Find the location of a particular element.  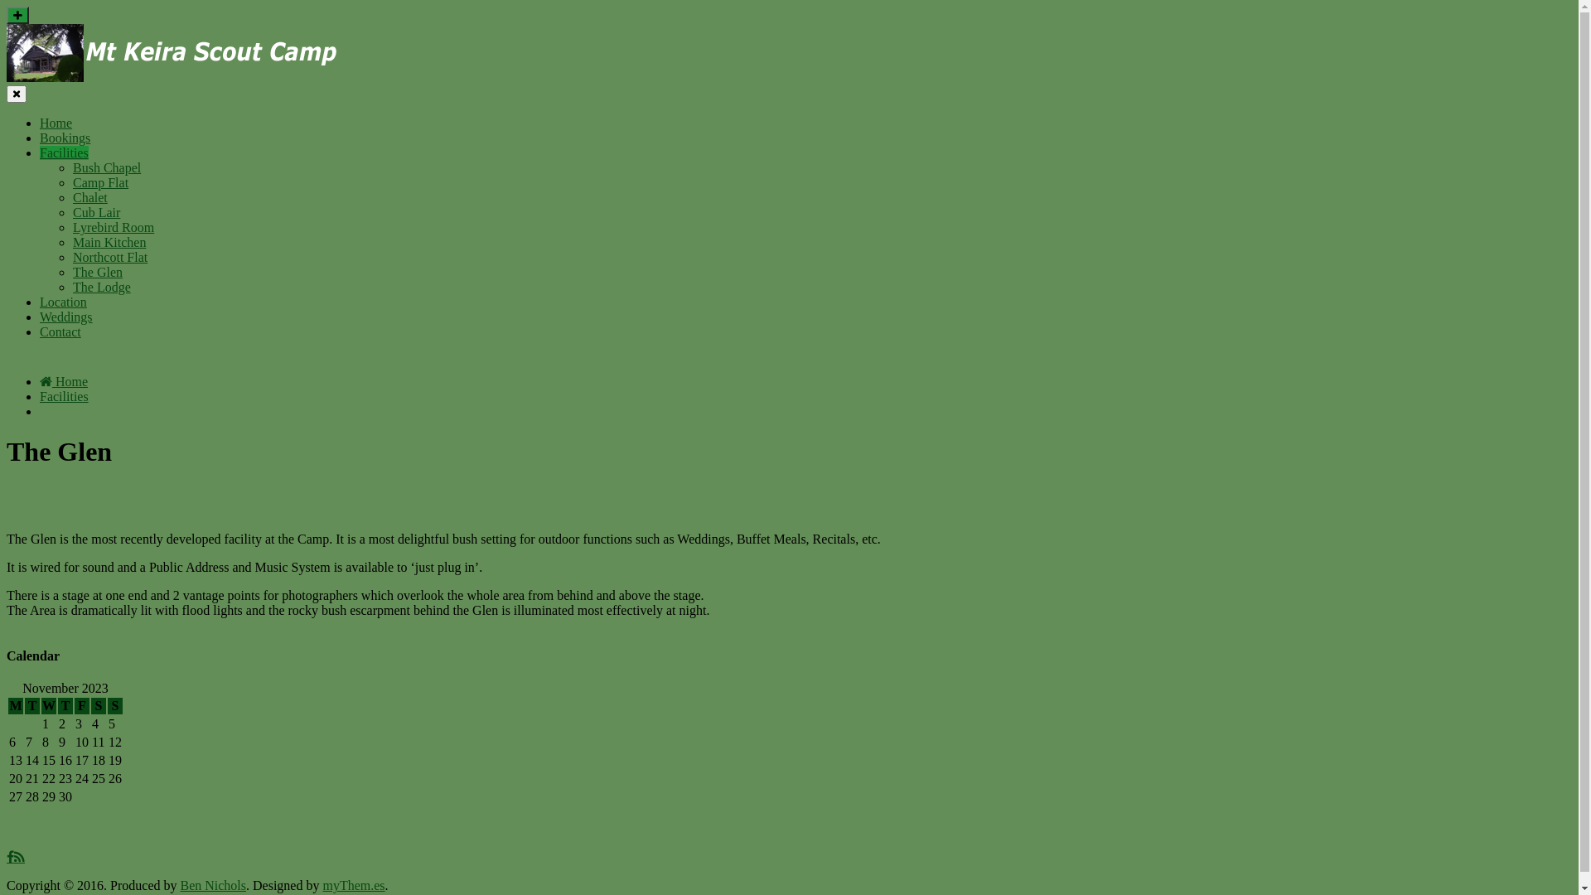

'The Glen' is located at coordinates (71, 271).